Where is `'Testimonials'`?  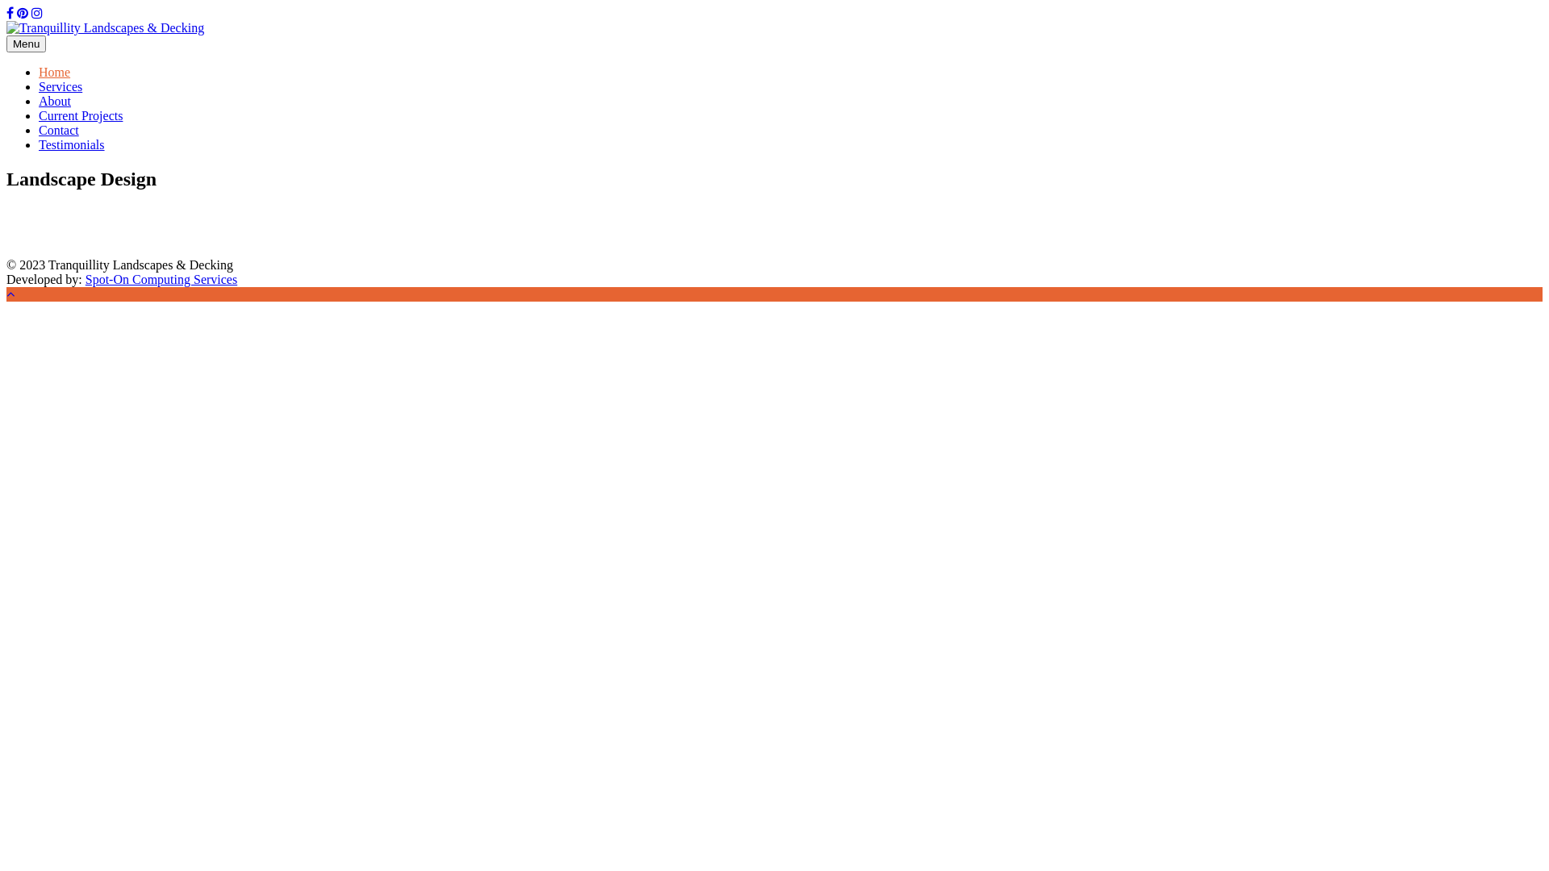
'Testimonials' is located at coordinates (71, 144).